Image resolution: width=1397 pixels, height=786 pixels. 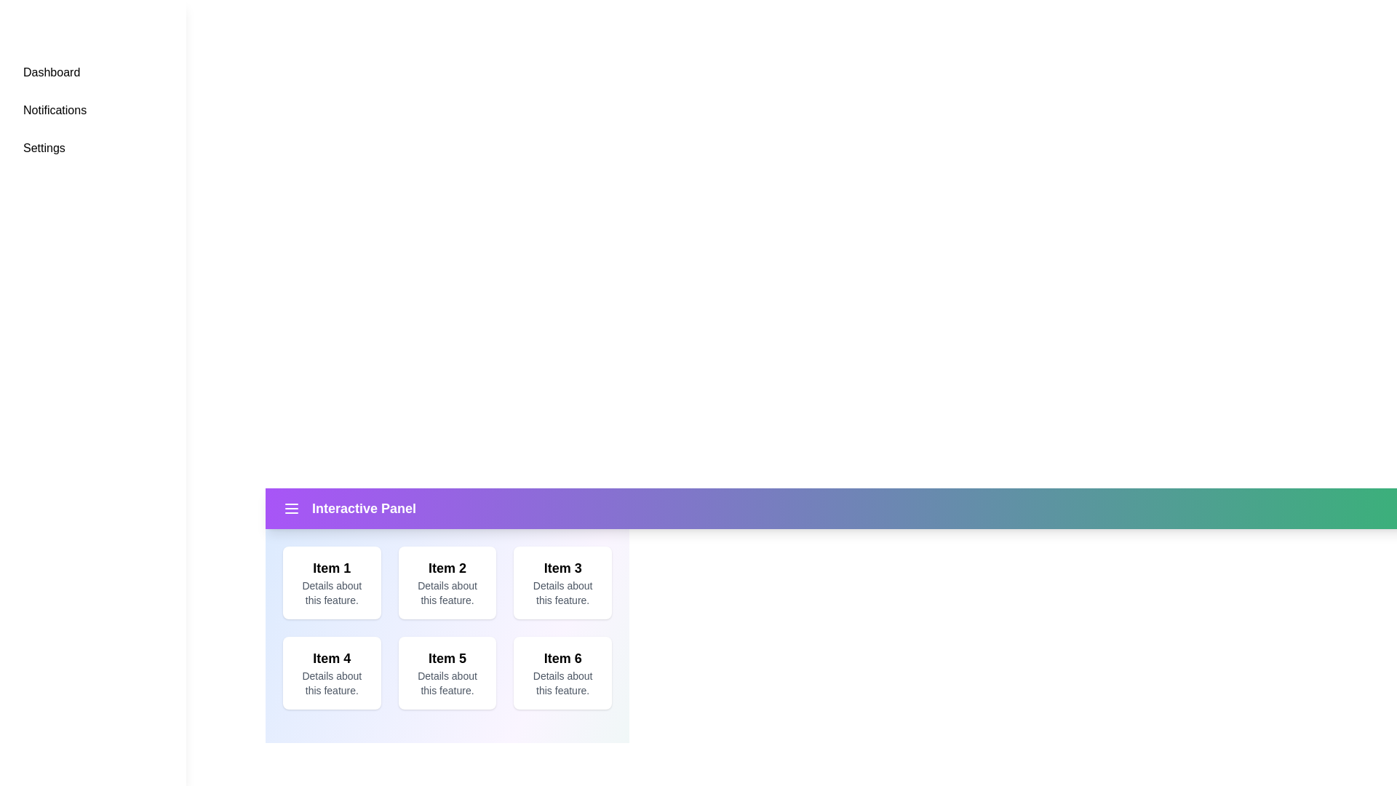 What do you see at coordinates (364, 507) in the screenshot?
I see `the informational Text label that serves as a header or title, located to the right of the icon resembling three horizontal lines in the header` at bounding box center [364, 507].